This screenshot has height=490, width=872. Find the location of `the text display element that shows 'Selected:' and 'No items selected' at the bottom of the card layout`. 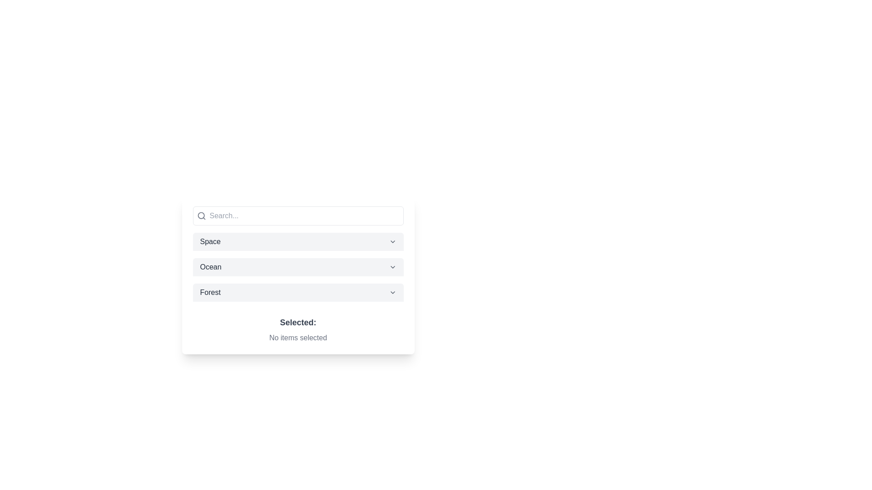

the text display element that shows 'Selected:' and 'No items selected' at the bottom of the card layout is located at coordinates (298, 325).